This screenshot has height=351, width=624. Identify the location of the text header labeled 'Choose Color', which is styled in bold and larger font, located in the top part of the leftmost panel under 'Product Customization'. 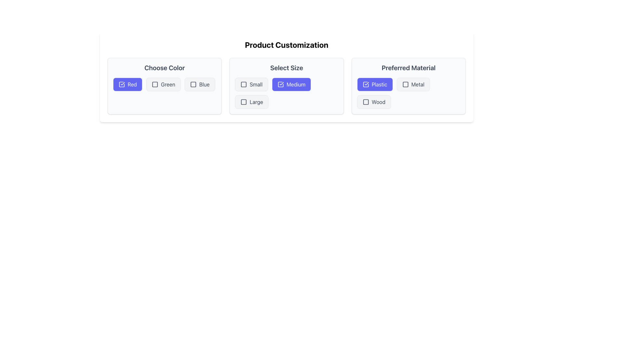
(164, 68).